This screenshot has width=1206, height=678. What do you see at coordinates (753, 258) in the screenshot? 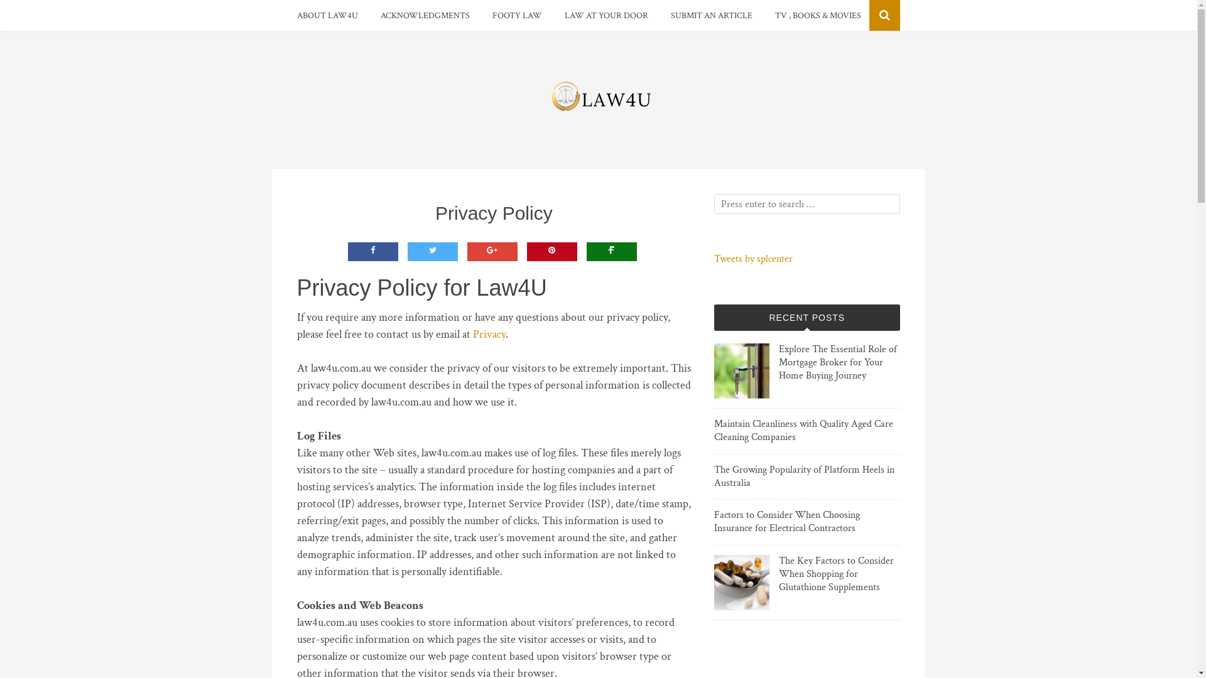
I see `'Tweets by splcenter'` at bounding box center [753, 258].